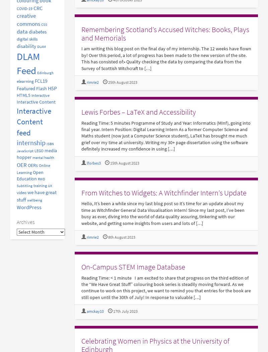 This screenshot has height=352, width=268. Describe the element at coordinates (40, 185) in the screenshot. I see `'training'` at that location.